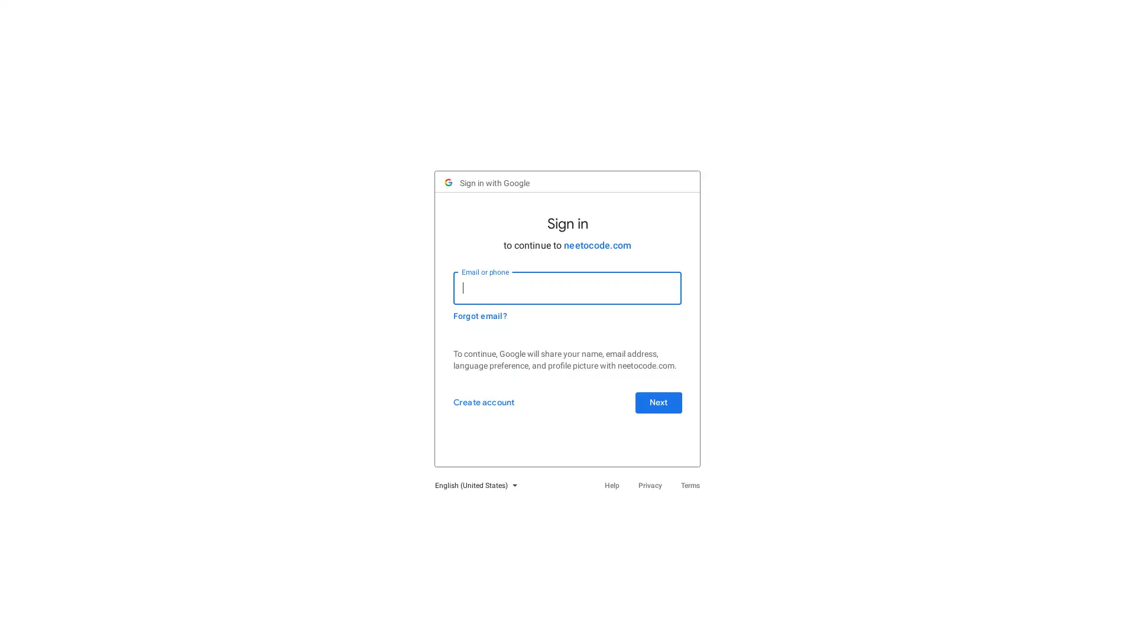 Image resolution: width=1135 pixels, height=638 pixels. I want to click on Next, so click(652, 421).